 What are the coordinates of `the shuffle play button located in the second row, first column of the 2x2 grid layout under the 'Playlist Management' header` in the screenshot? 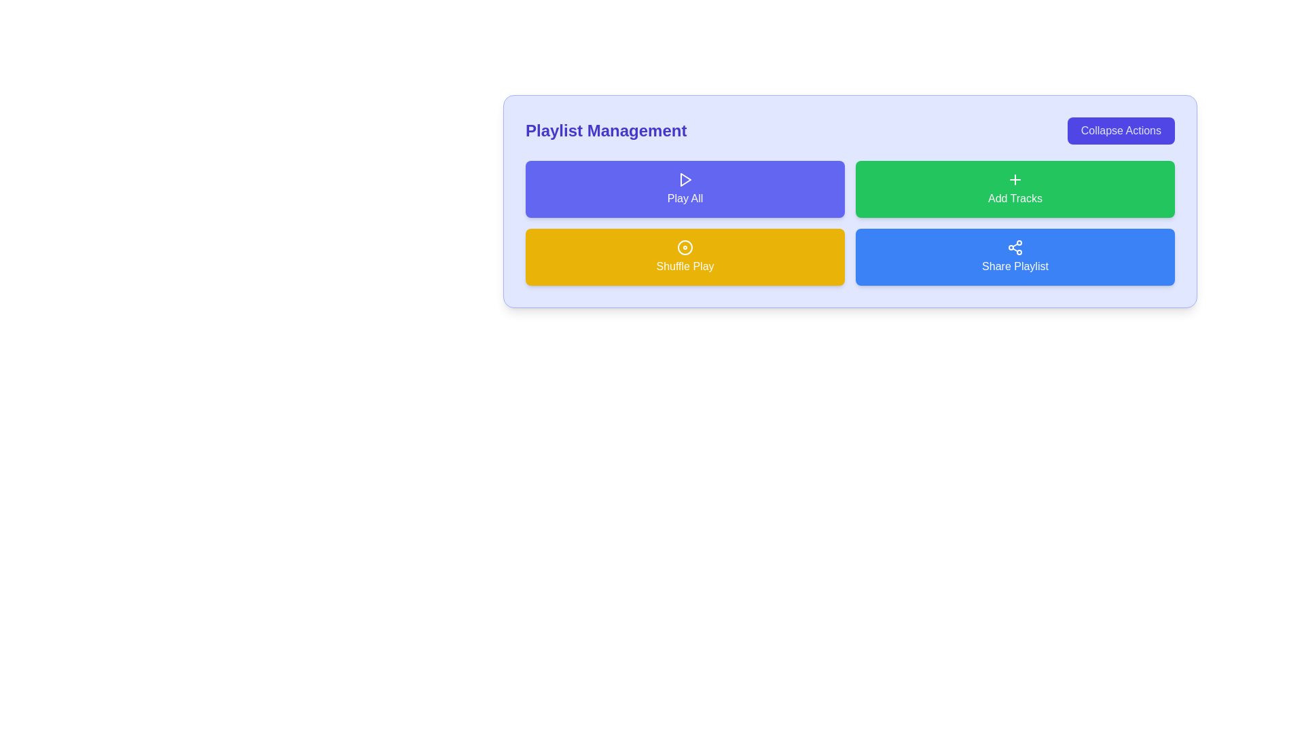 It's located at (685, 257).